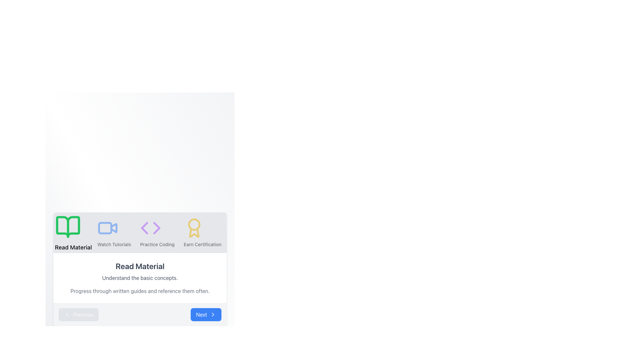 This screenshot has width=629, height=354. I want to click on the navigation button located at the bottom right corner of the interface, adjacent to the 'Previous' button, so click(206, 314).